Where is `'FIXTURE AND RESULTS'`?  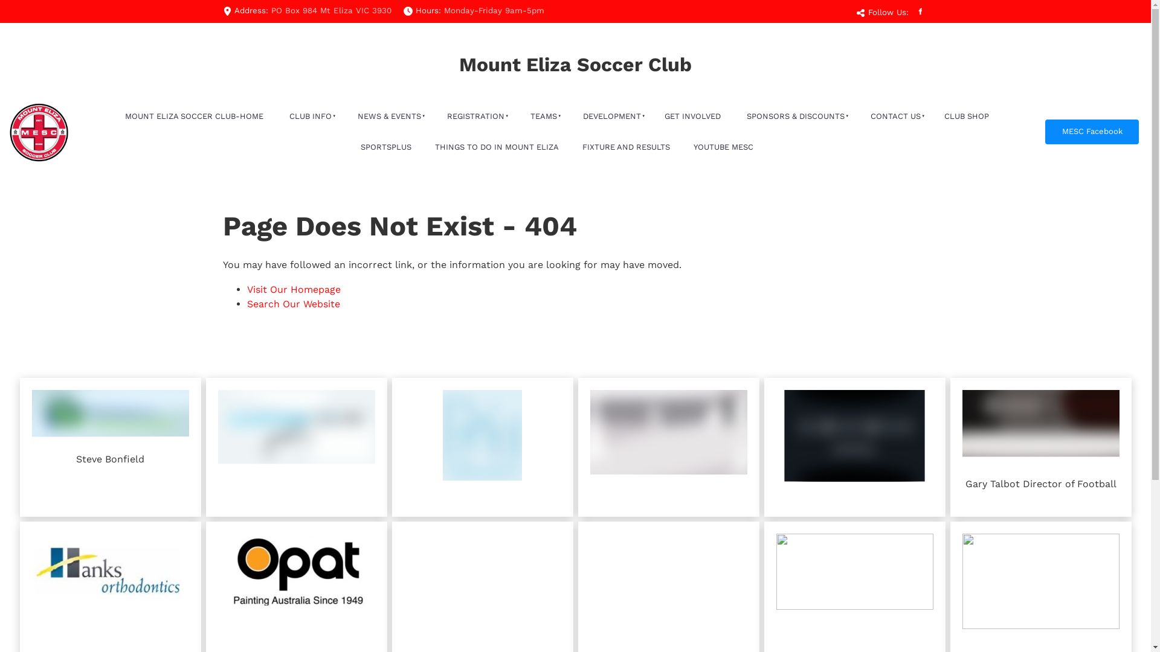
'FIXTURE AND RESULTS' is located at coordinates (626, 147).